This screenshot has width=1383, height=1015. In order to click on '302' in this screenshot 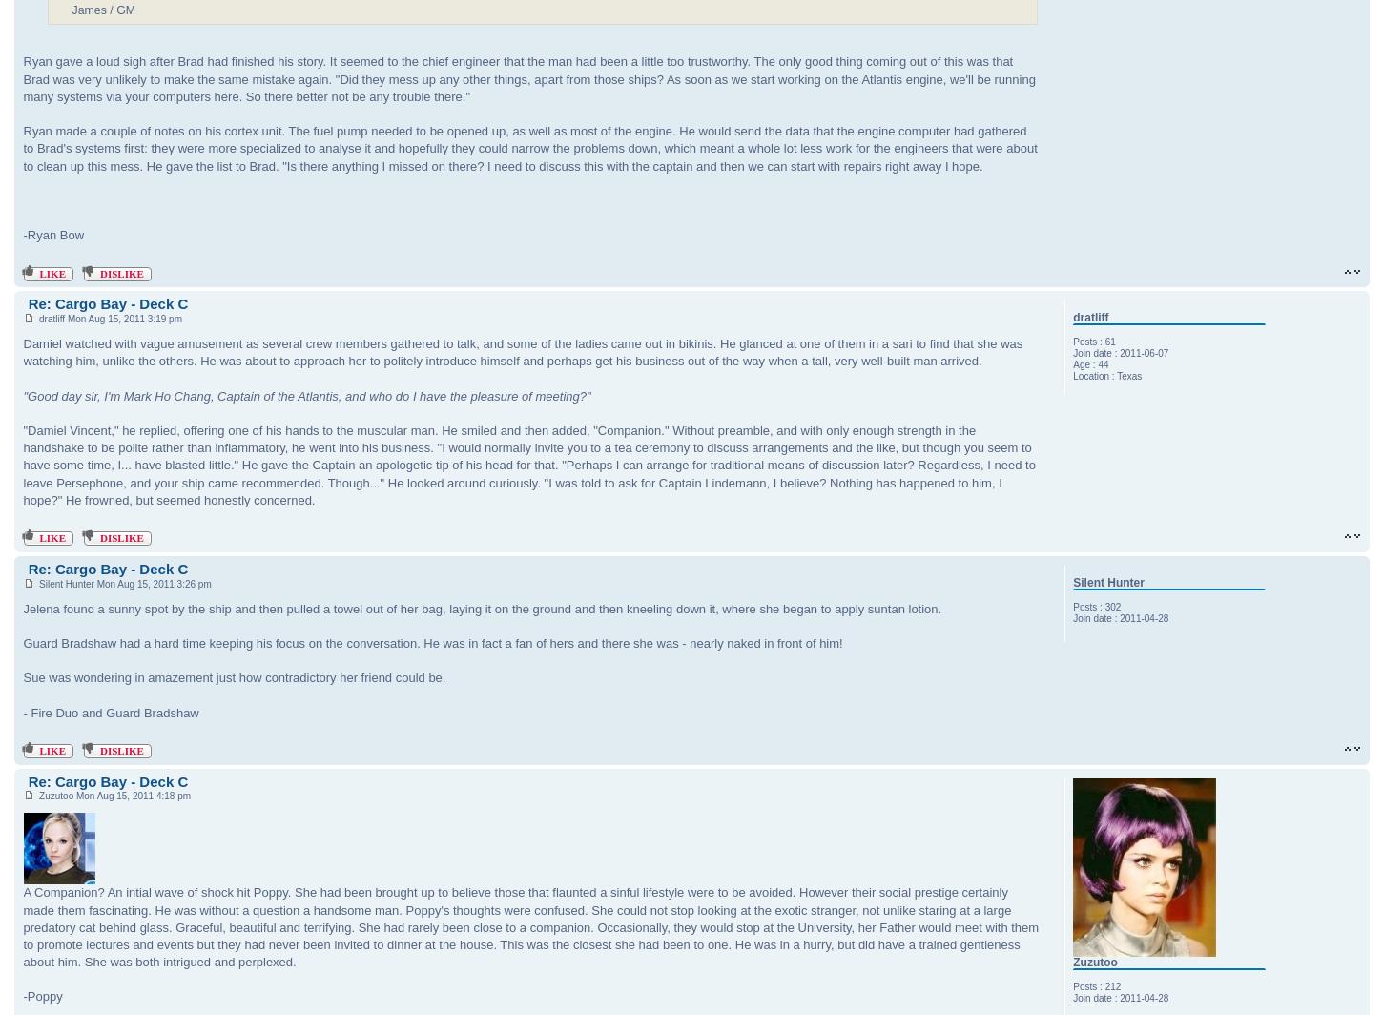, I will do `click(1111, 606)`.